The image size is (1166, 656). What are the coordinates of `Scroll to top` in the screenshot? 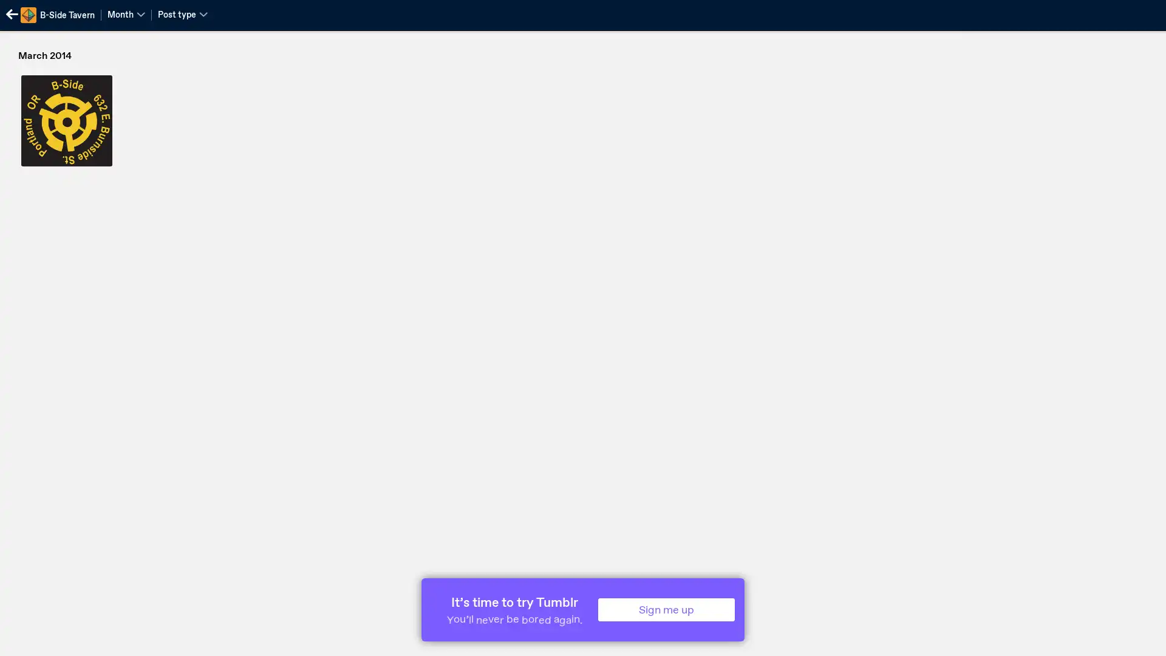 It's located at (1142, 642).